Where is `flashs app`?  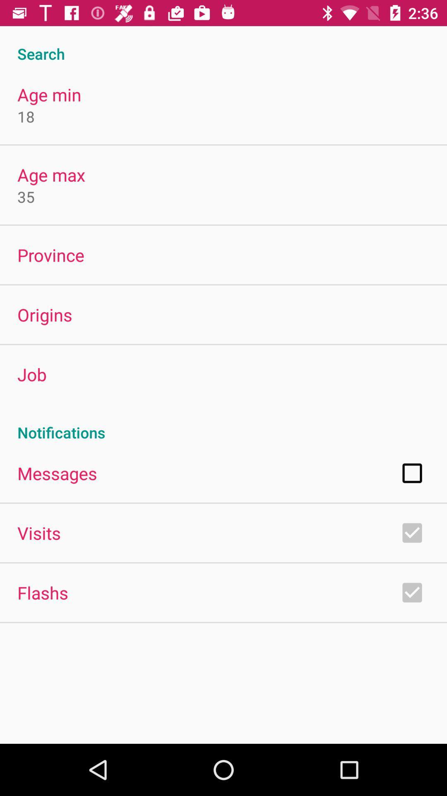 flashs app is located at coordinates (43, 592).